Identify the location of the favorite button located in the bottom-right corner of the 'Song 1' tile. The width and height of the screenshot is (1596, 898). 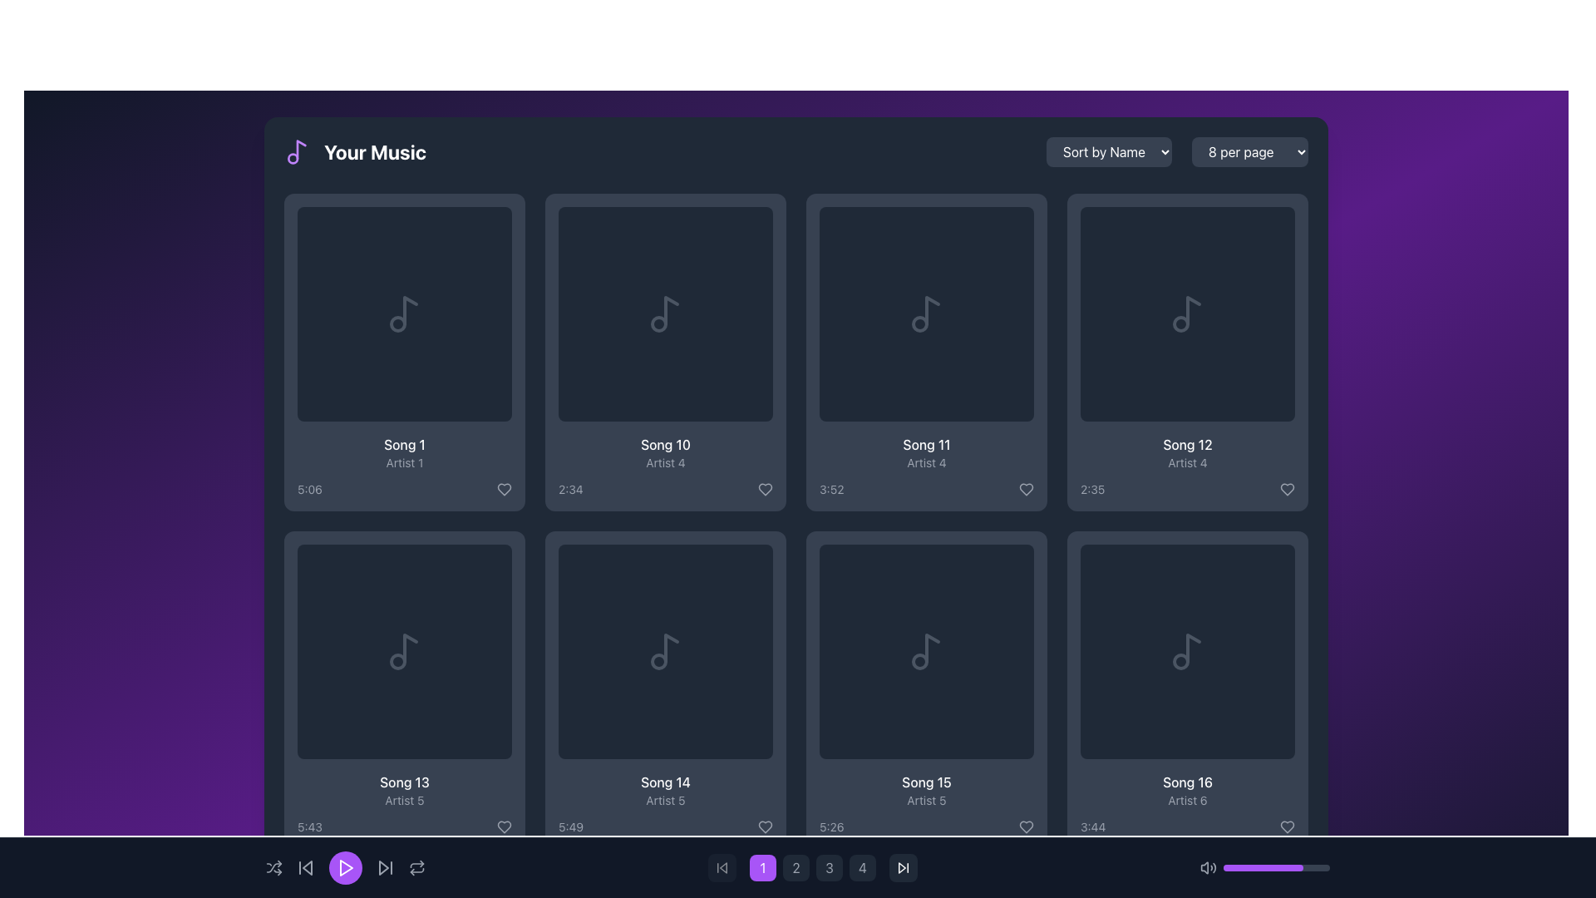
(503, 489).